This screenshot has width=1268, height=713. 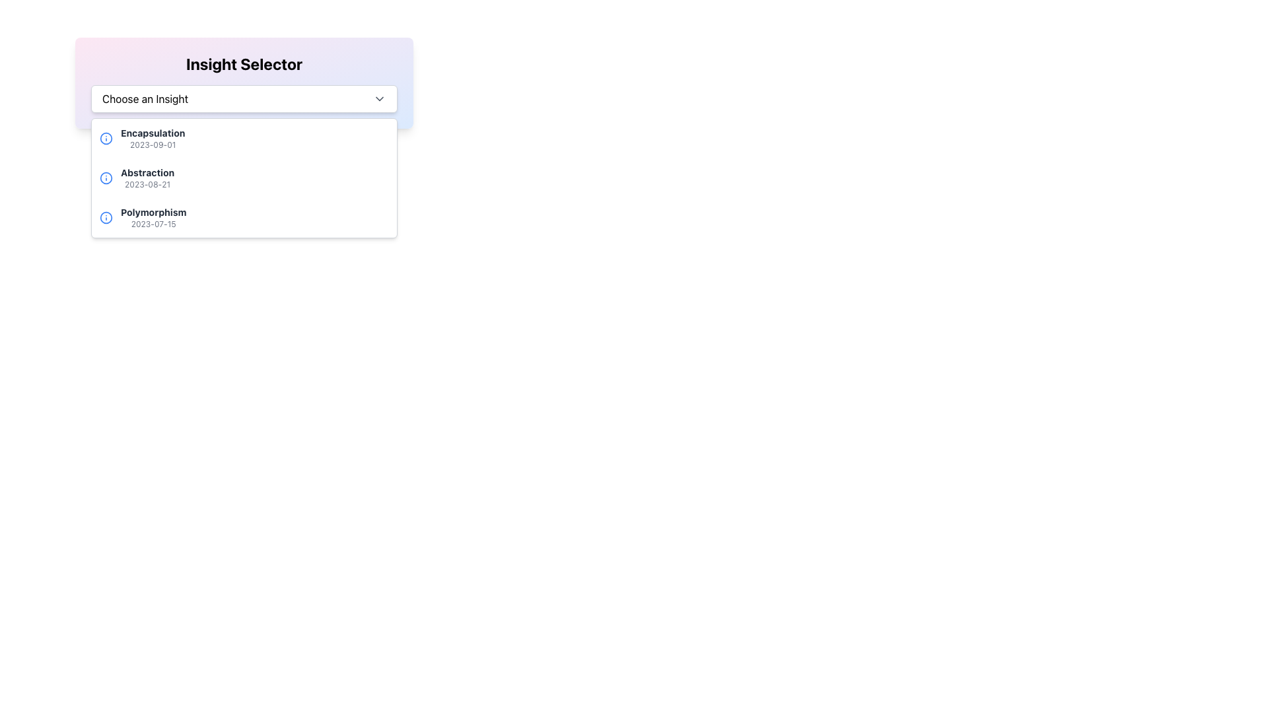 I want to click on the text label located in the upper left section of the dropdown menu, so click(x=145, y=98).